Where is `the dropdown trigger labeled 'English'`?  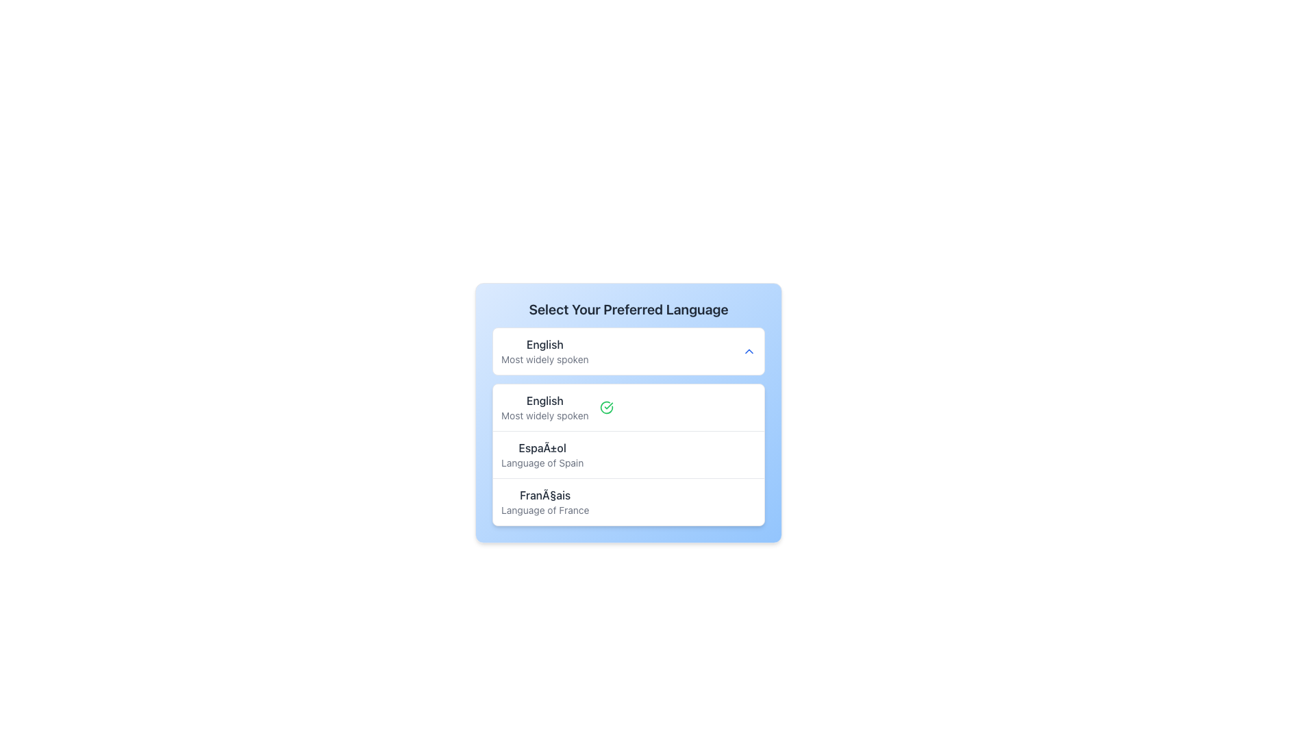 the dropdown trigger labeled 'English' is located at coordinates (627, 351).